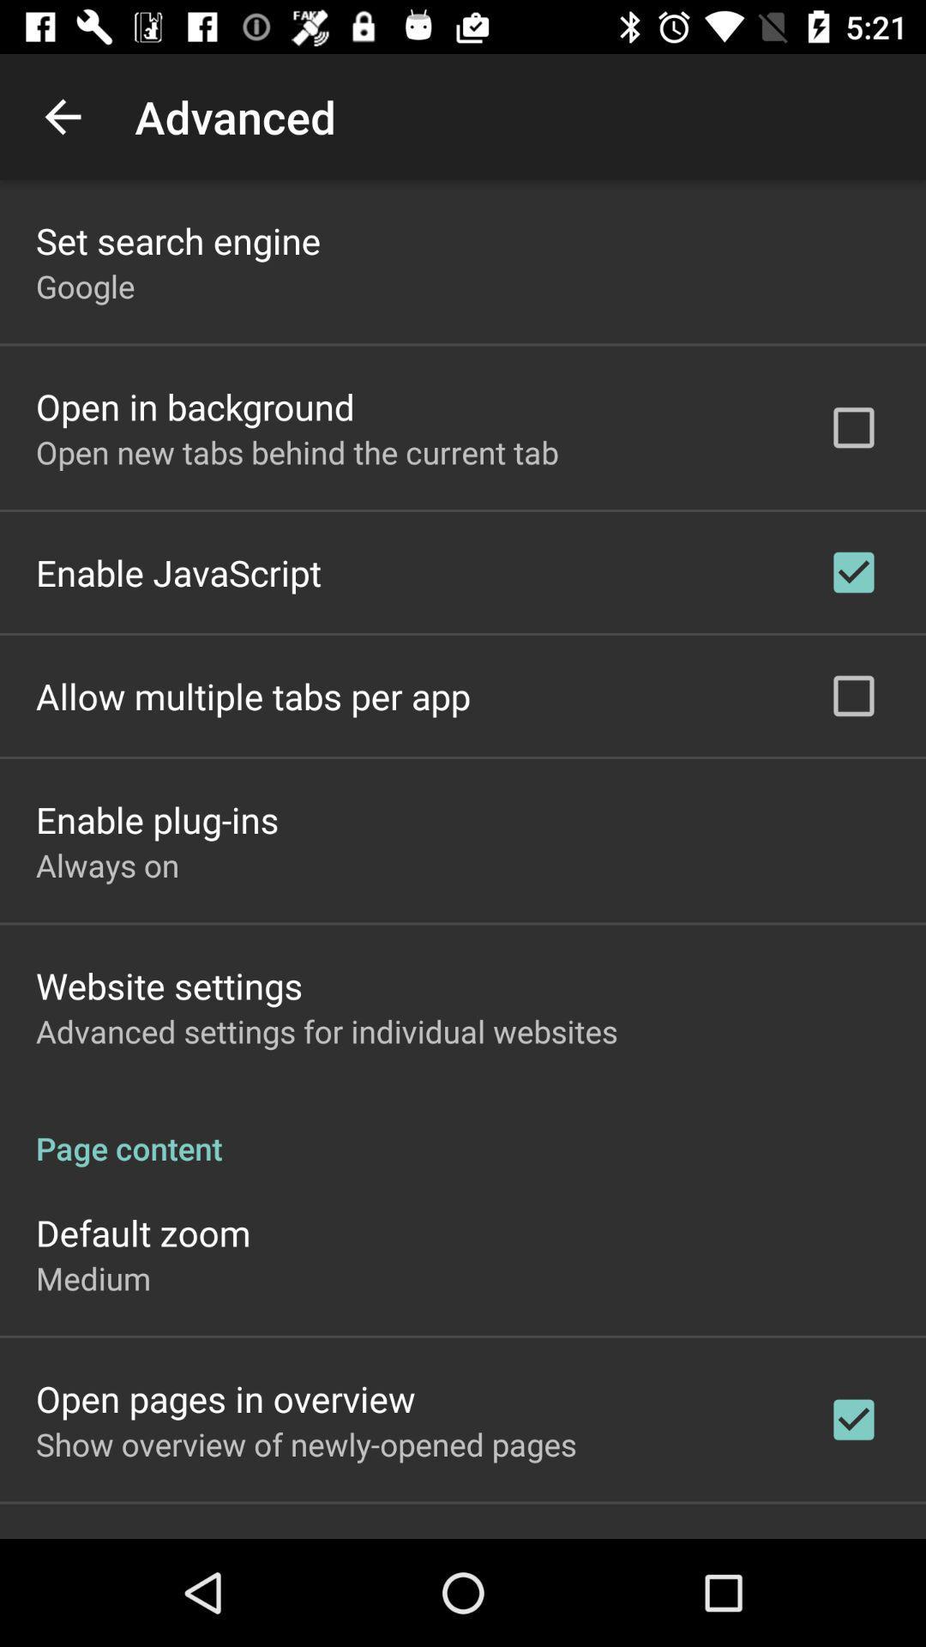 This screenshot has height=1647, width=926. What do you see at coordinates (169, 985) in the screenshot?
I see `item below always on icon` at bounding box center [169, 985].